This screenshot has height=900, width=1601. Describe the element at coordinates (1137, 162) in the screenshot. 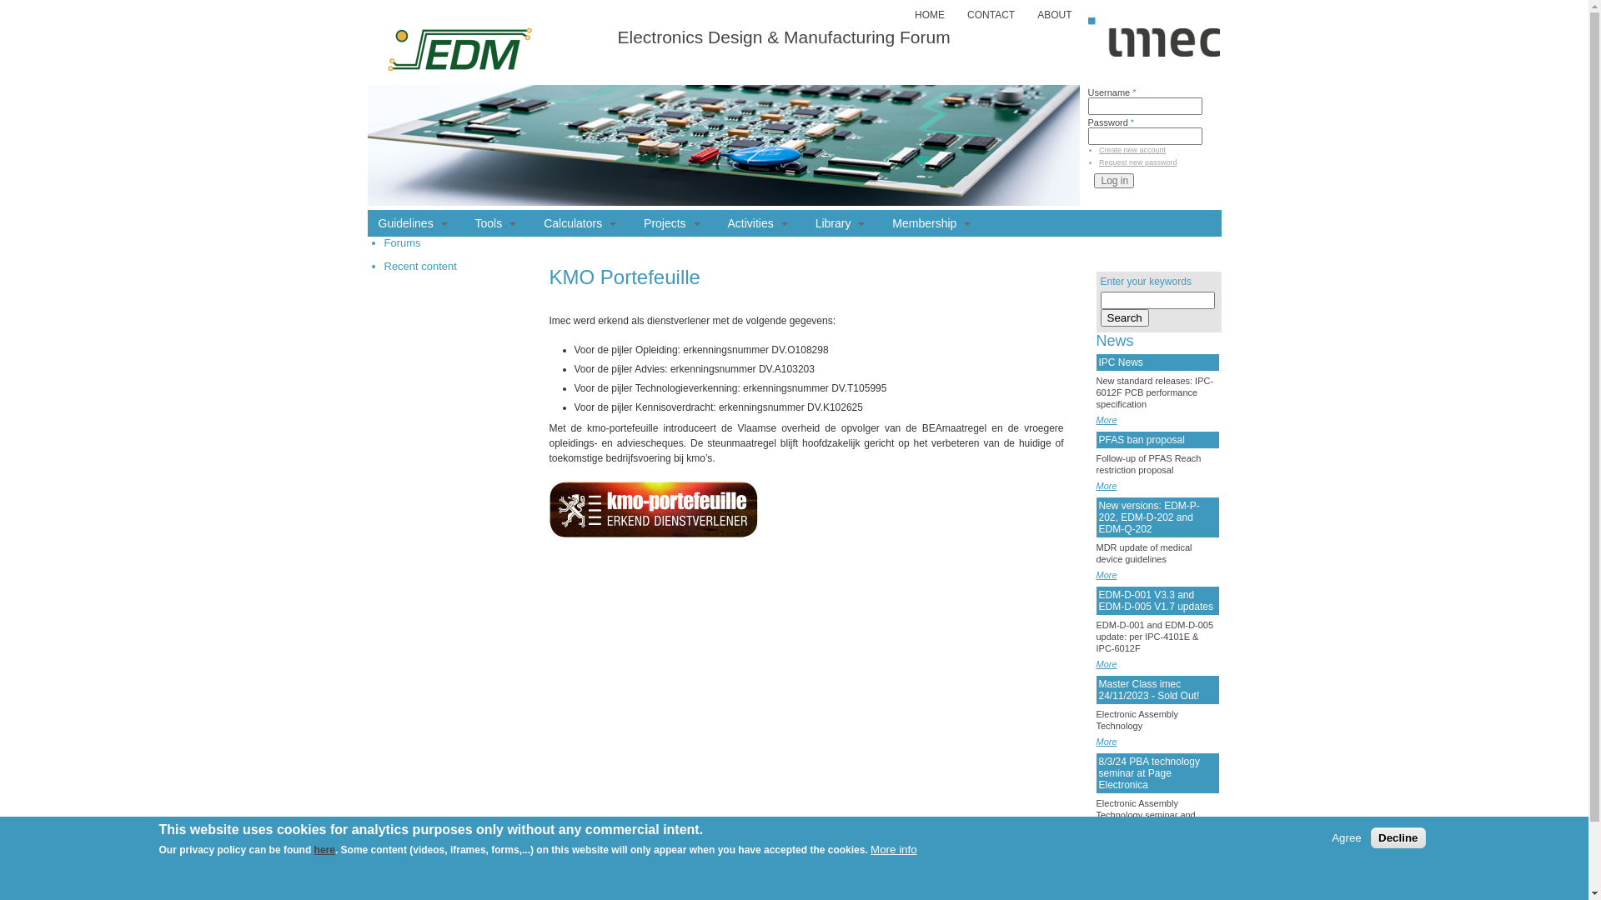

I see `'Request new password'` at that location.